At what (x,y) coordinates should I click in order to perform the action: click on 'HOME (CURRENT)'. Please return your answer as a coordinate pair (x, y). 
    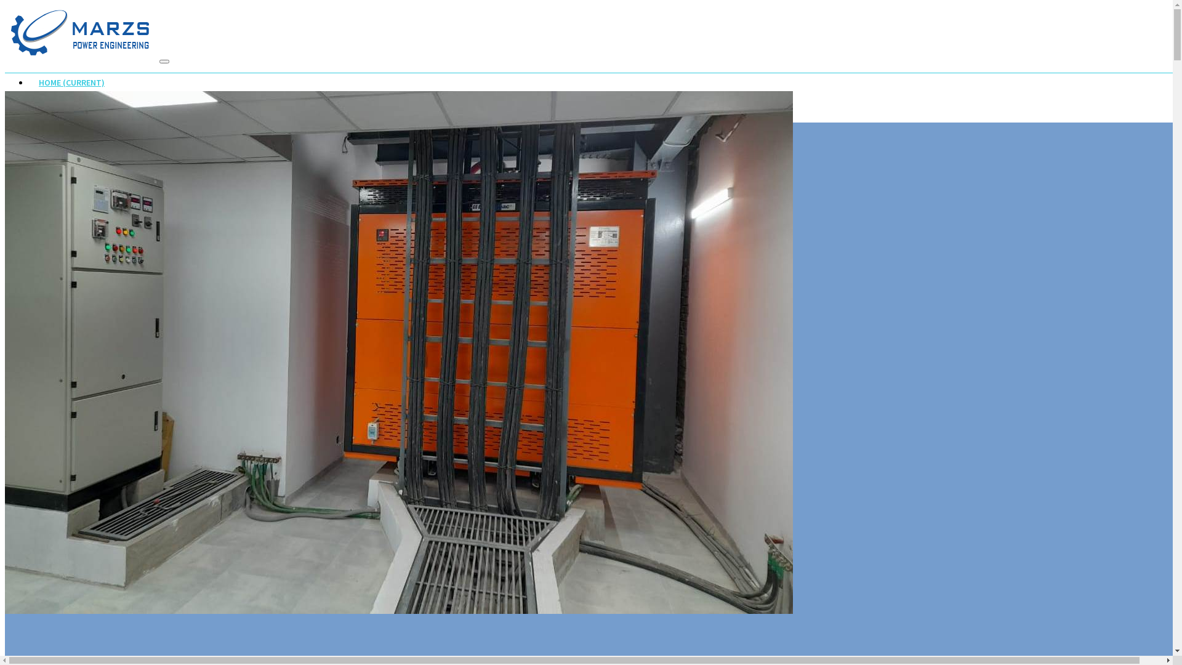
    Looking at the image, I should click on (71, 83).